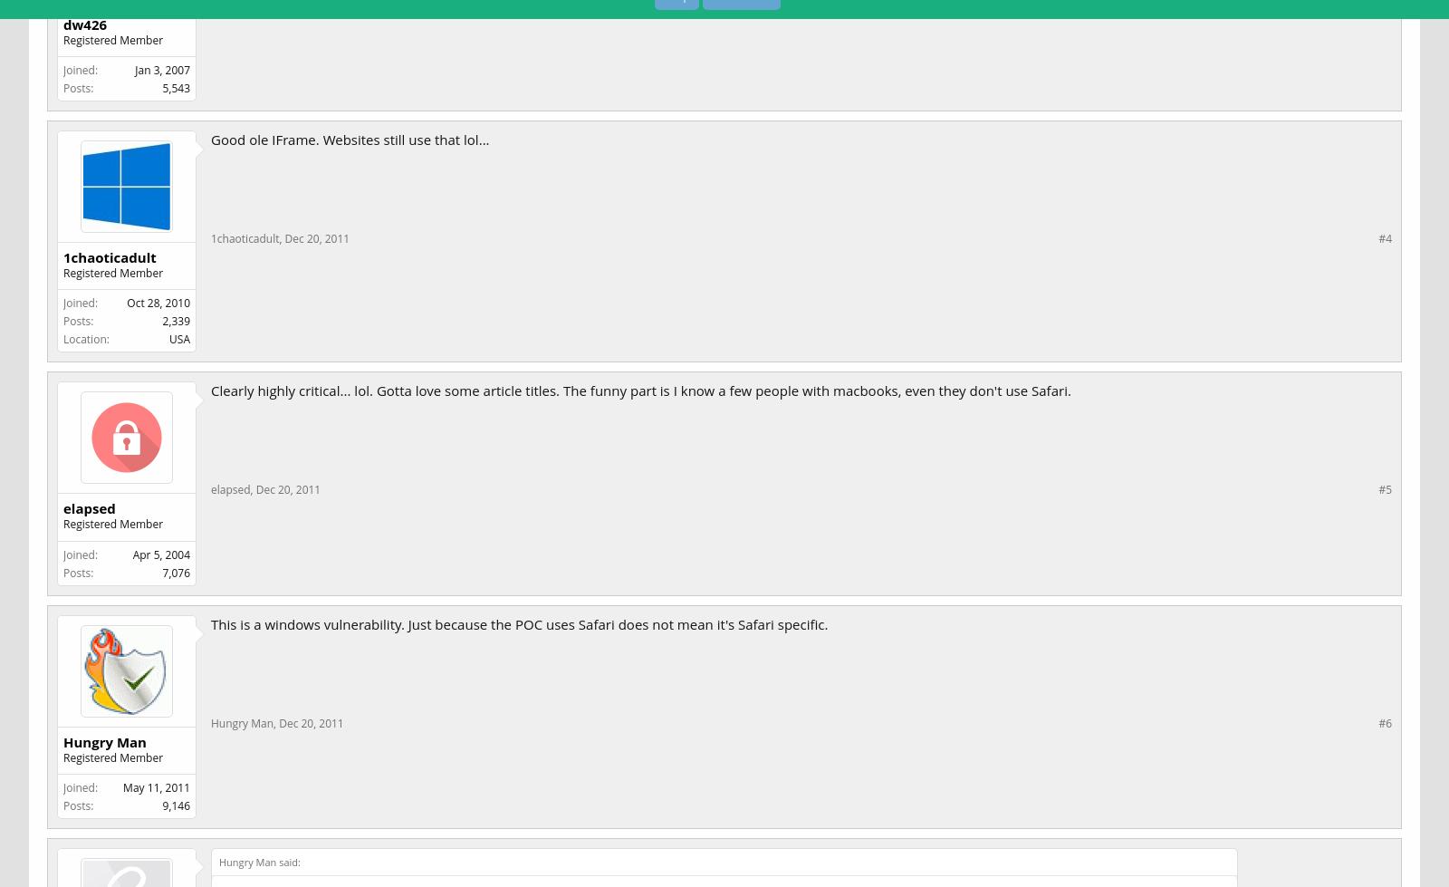 The height and width of the screenshot is (887, 1449). What do you see at coordinates (161, 804) in the screenshot?
I see `'9,146'` at bounding box center [161, 804].